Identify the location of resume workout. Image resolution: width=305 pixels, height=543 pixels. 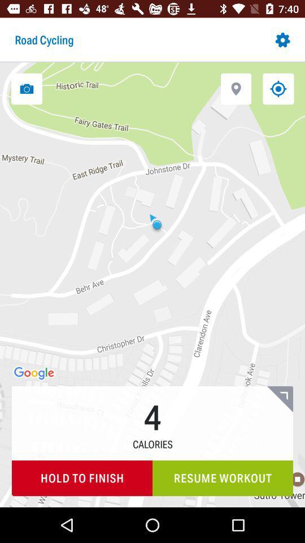
(223, 477).